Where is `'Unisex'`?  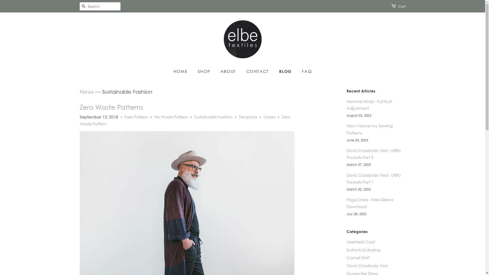
'Unisex' is located at coordinates (269, 117).